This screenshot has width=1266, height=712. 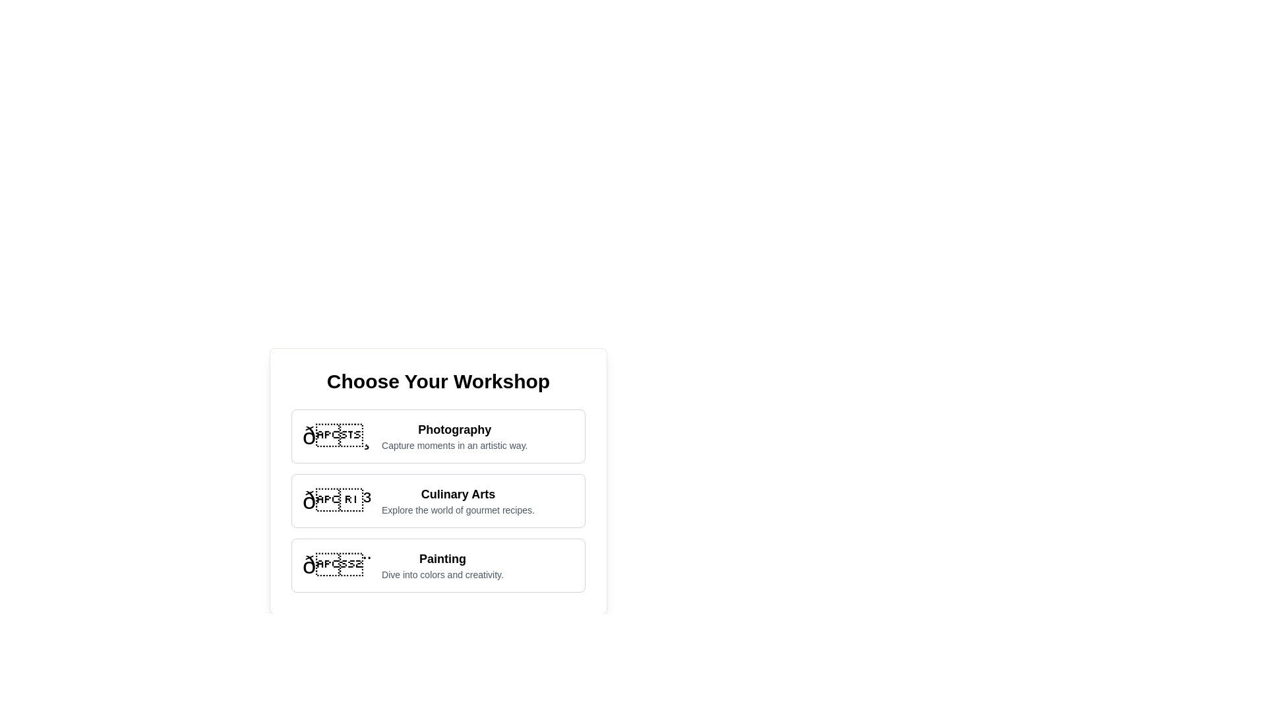 What do you see at coordinates (438, 436) in the screenshot?
I see `the first Selection Card in the vertical list of photography workshop options` at bounding box center [438, 436].